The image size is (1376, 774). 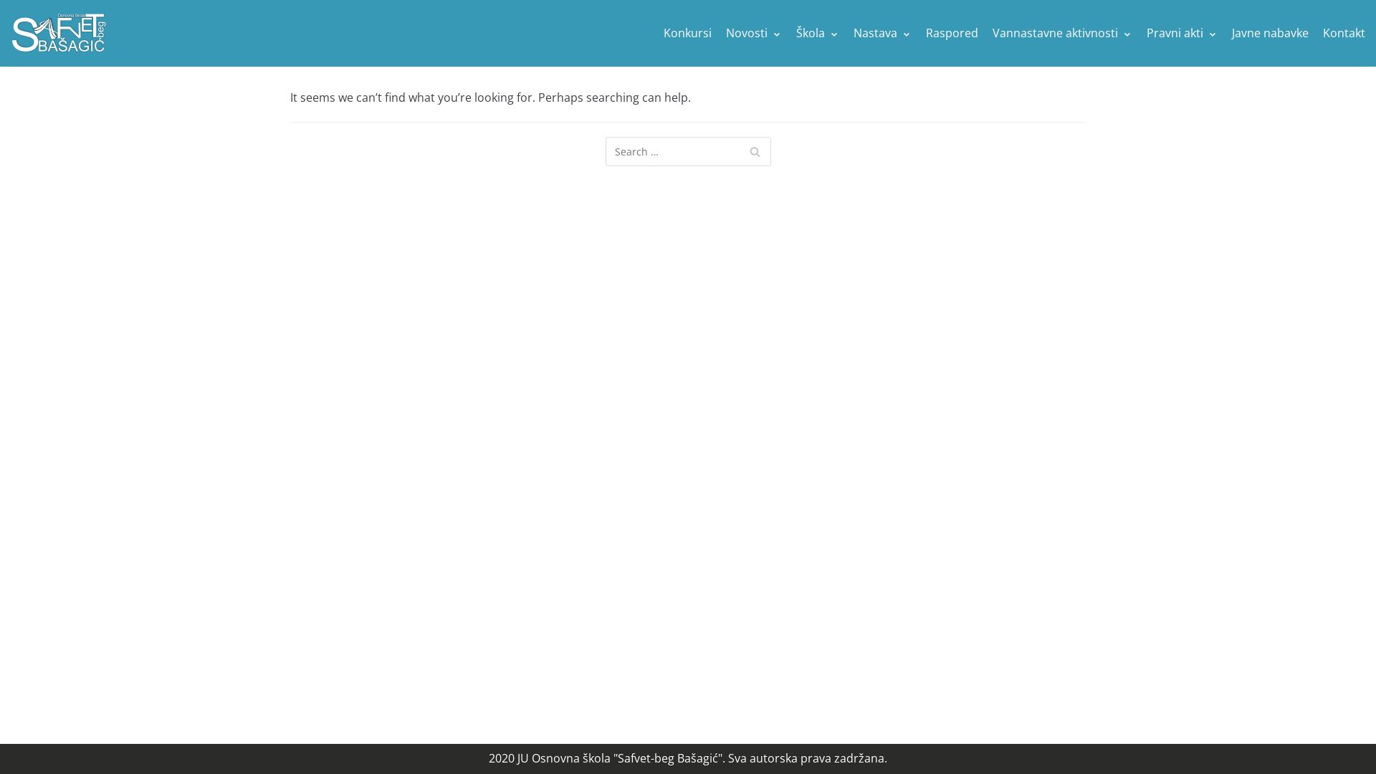 What do you see at coordinates (952, 32) in the screenshot?
I see `'Raspored'` at bounding box center [952, 32].